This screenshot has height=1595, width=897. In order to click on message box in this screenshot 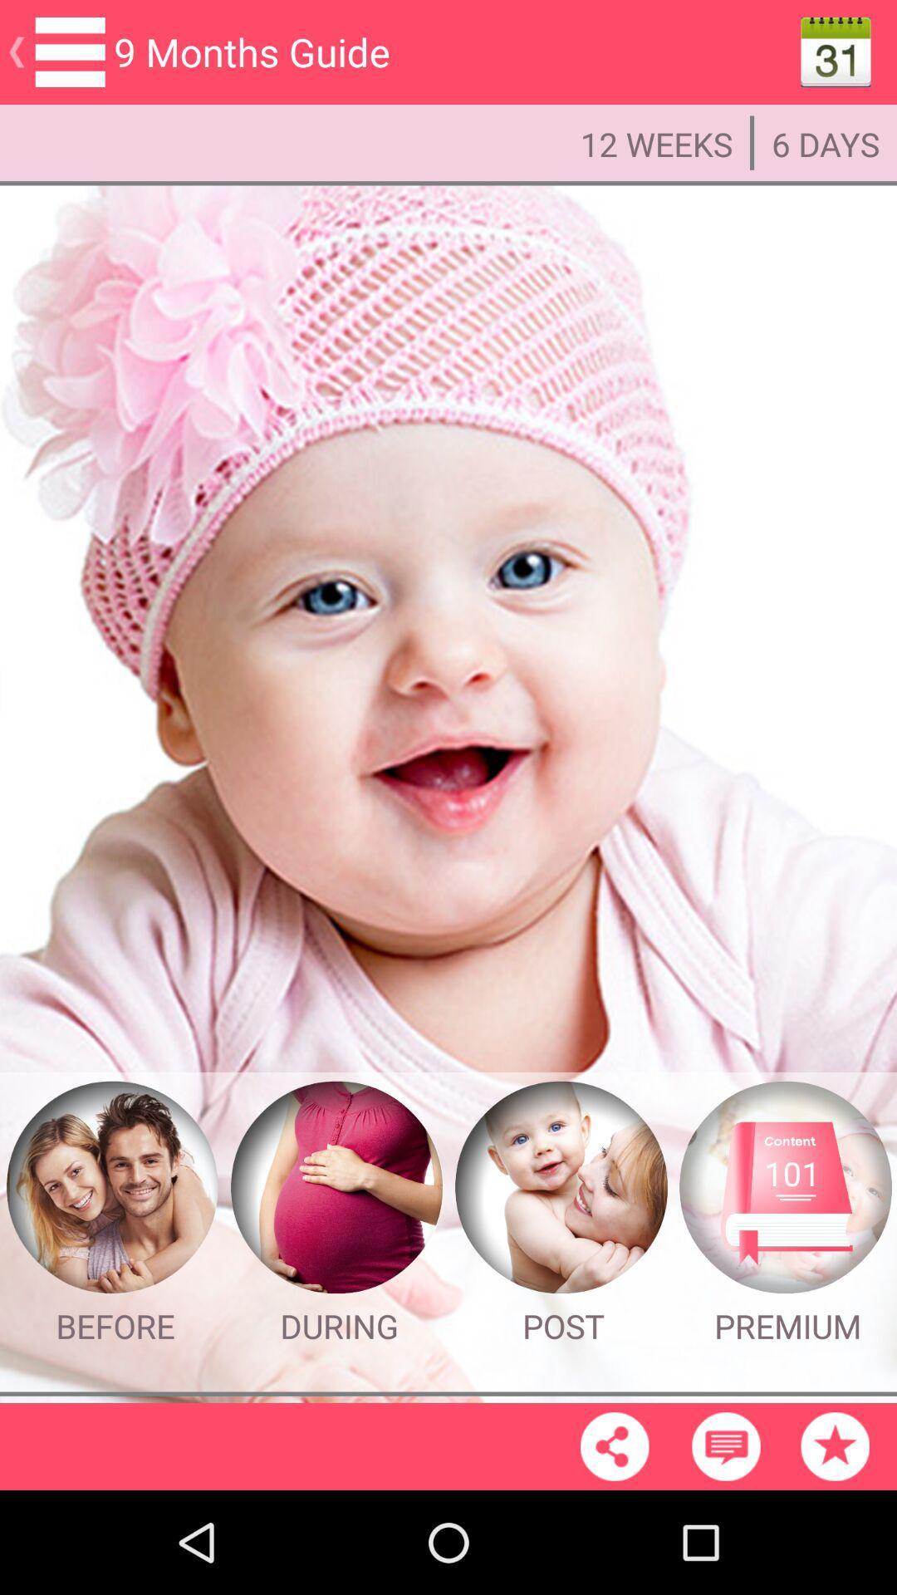, I will do `click(725, 1445)`.